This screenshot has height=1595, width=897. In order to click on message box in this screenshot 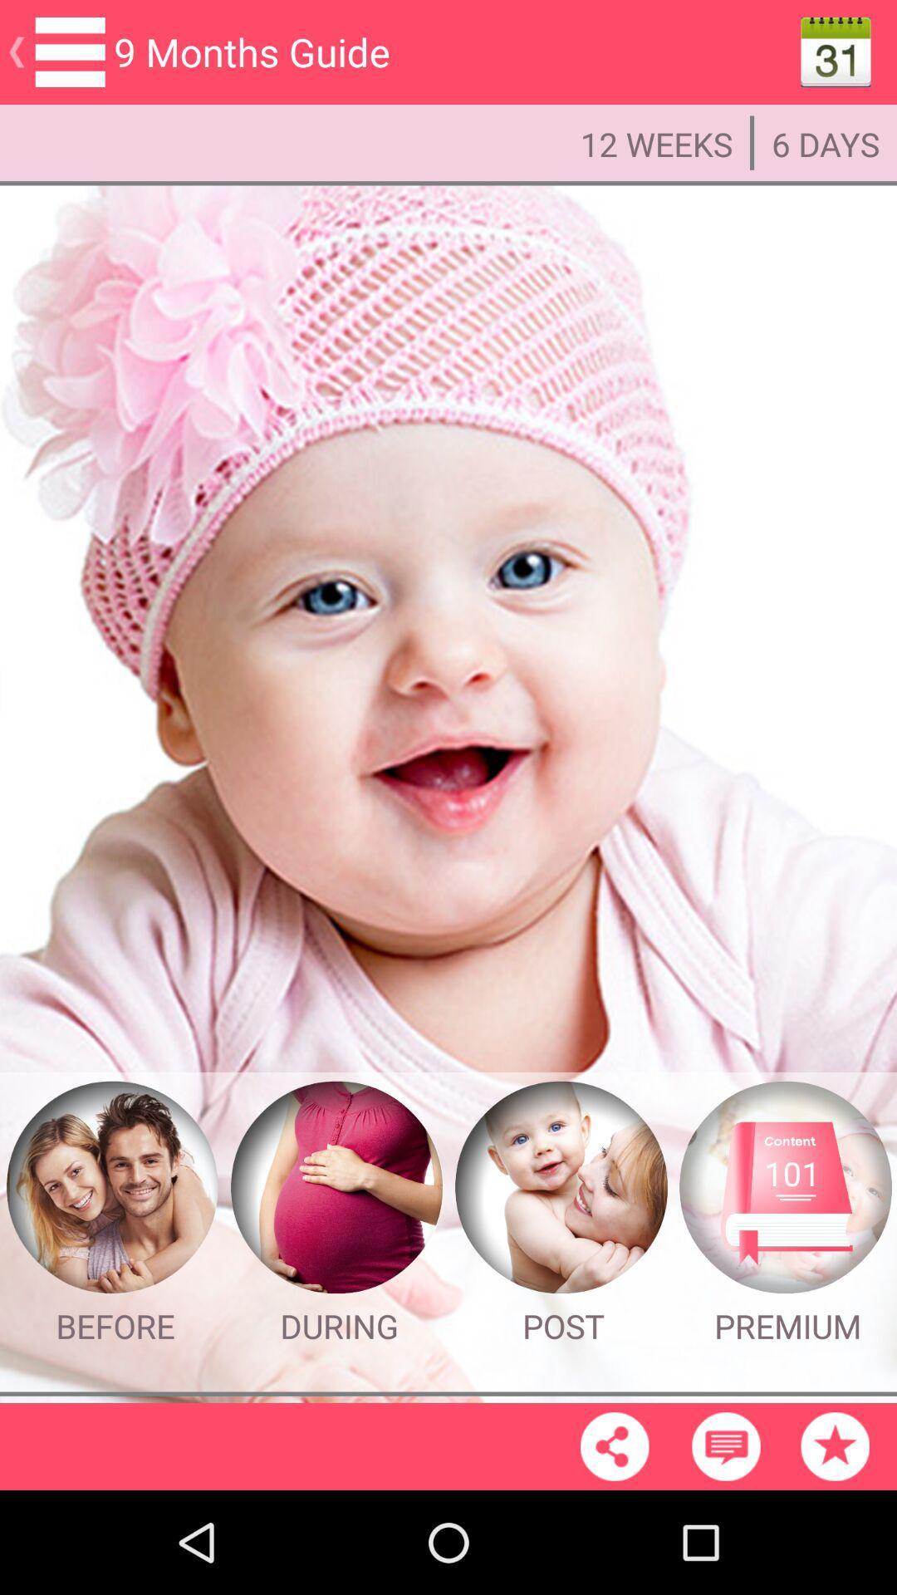, I will do `click(725, 1445)`.